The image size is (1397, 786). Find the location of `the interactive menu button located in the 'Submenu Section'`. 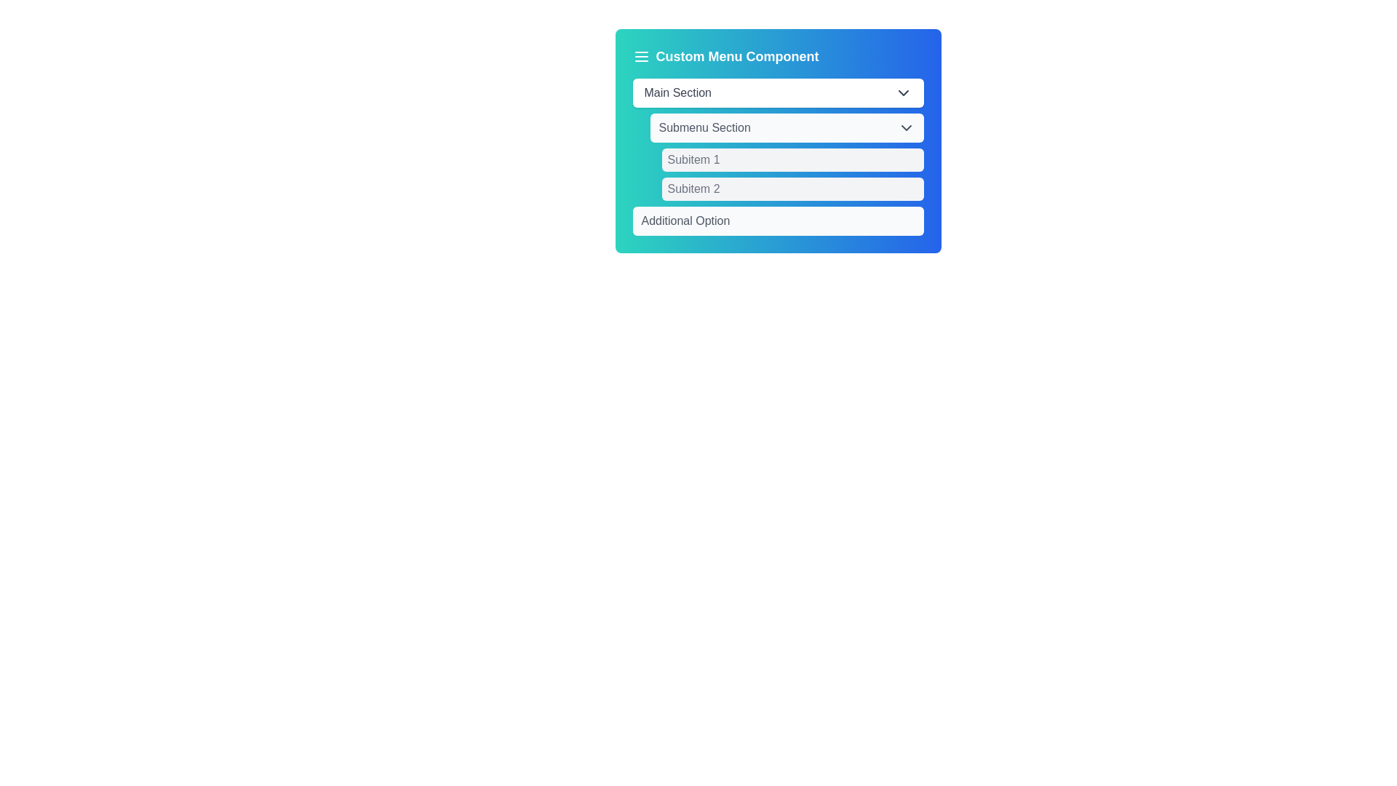

the interactive menu button located in the 'Submenu Section' is located at coordinates (792, 159).